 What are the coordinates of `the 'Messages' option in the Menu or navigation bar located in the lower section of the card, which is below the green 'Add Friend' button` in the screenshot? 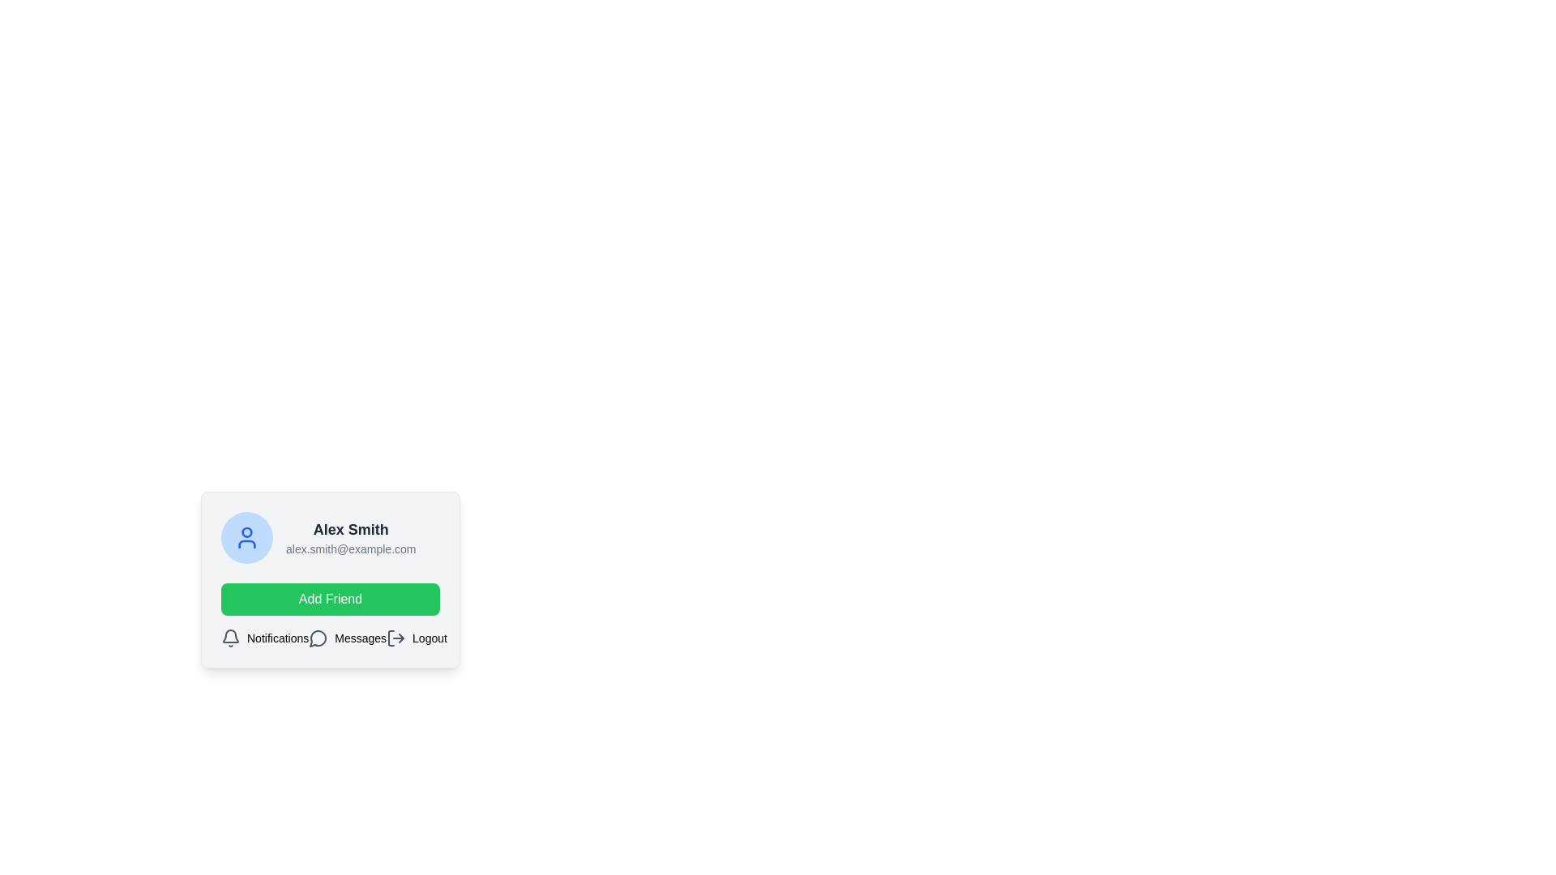 It's located at (330, 637).